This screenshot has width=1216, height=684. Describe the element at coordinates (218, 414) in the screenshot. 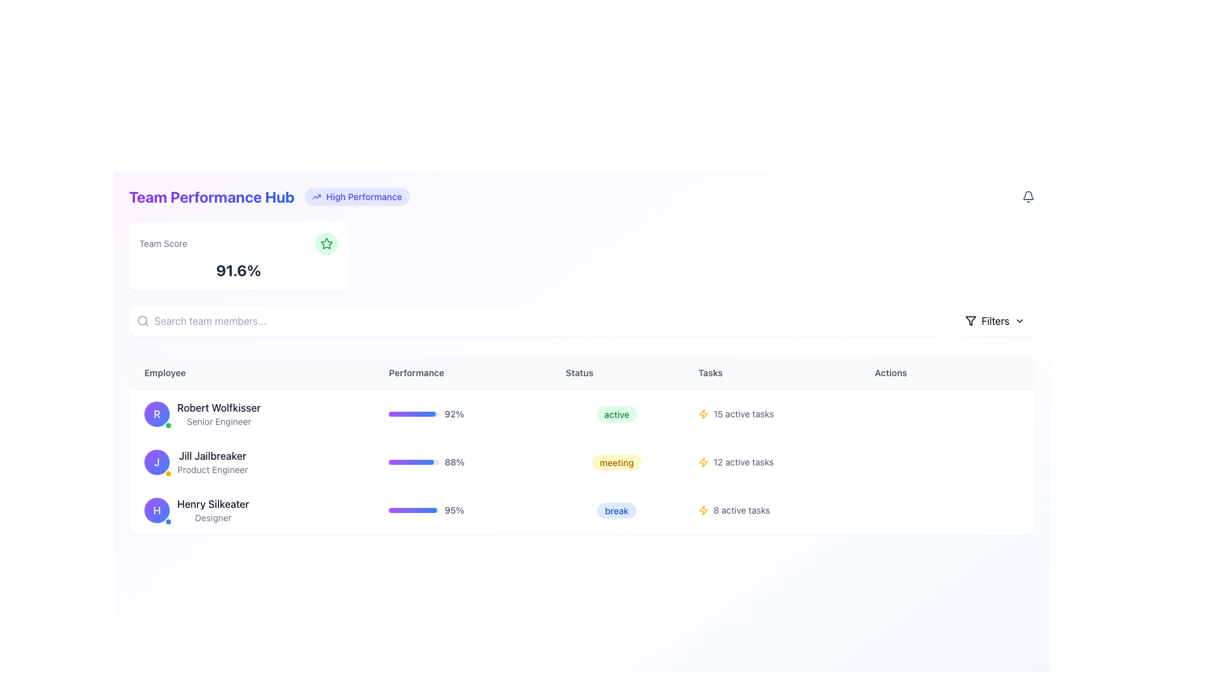

I see `displayed name and role of the employee in the first row of the 'Employee' column, located to the right of the circular avatar with the initial 'R.'` at that location.